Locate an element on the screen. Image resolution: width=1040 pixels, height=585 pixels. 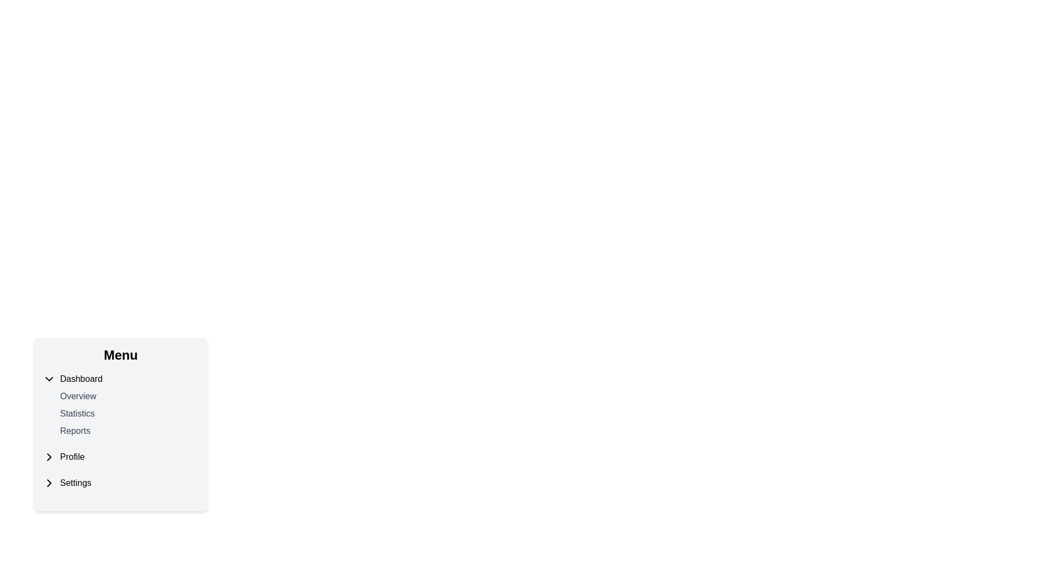
the chevron-right icon next to the 'Profile' entry in the Menu navigation card is located at coordinates (49, 457).